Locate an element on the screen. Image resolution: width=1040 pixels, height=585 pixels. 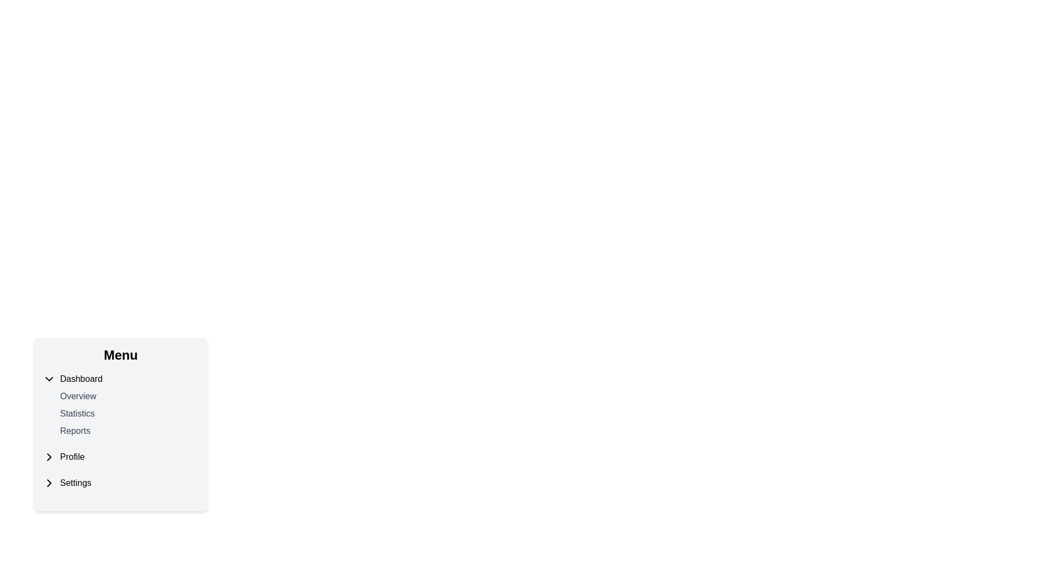
the chevron-right icon next to the 'Profile' entry in the Menu navigation card is located at coordinates (49, 457).